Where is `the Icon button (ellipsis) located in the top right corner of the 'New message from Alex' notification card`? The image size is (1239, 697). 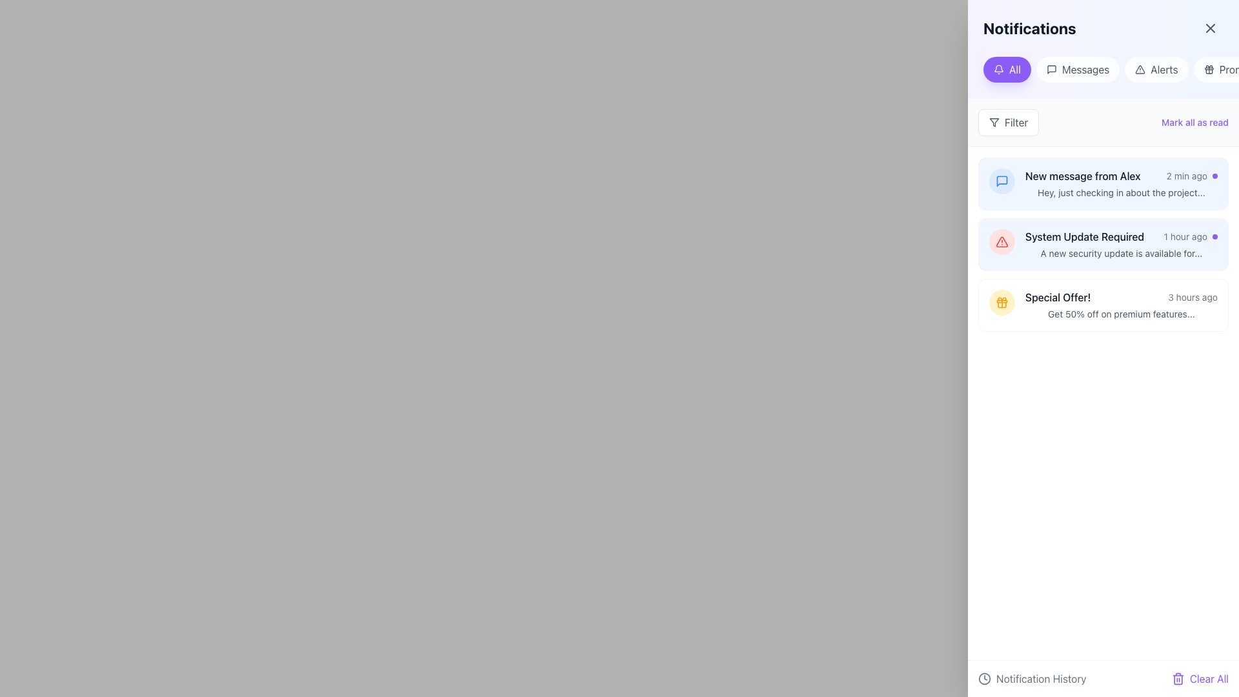
the Icon button (ellipsis) located in the top right corner of the 'New message from Alex' notification card is located at coordinates (1207, 184).